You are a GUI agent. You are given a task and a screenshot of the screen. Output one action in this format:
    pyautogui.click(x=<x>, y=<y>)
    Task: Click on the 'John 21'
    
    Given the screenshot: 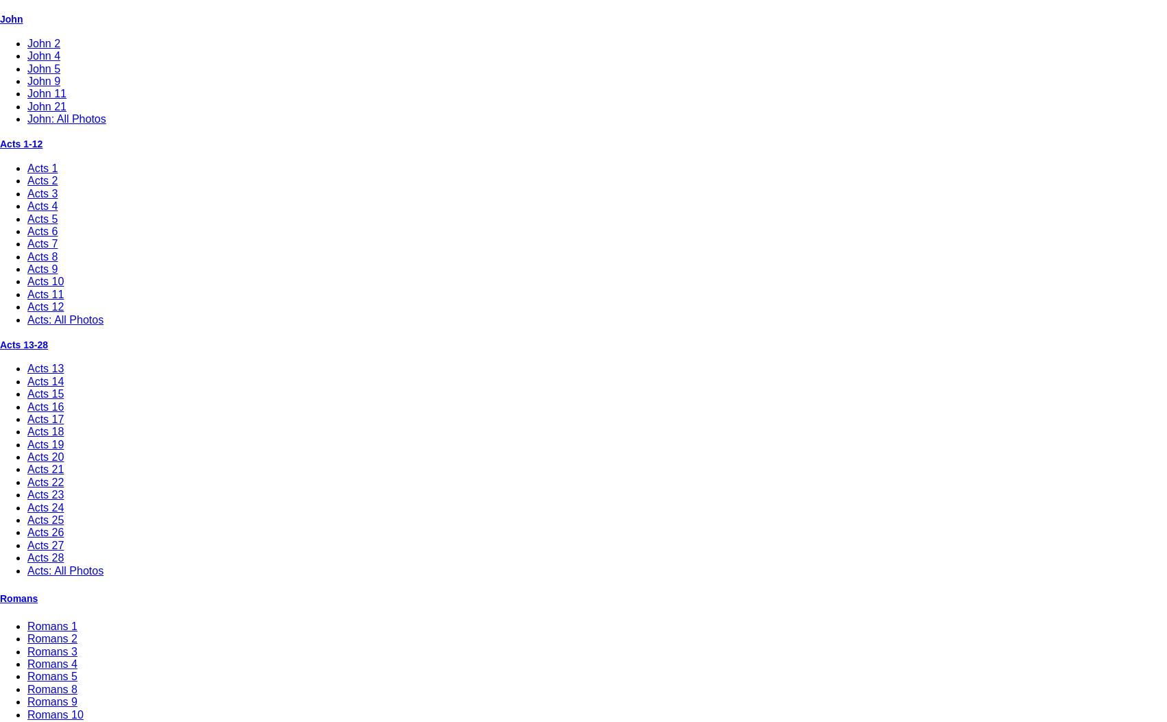 What is the action you would take?
    pyautogui.click(x=47, y=105)
    